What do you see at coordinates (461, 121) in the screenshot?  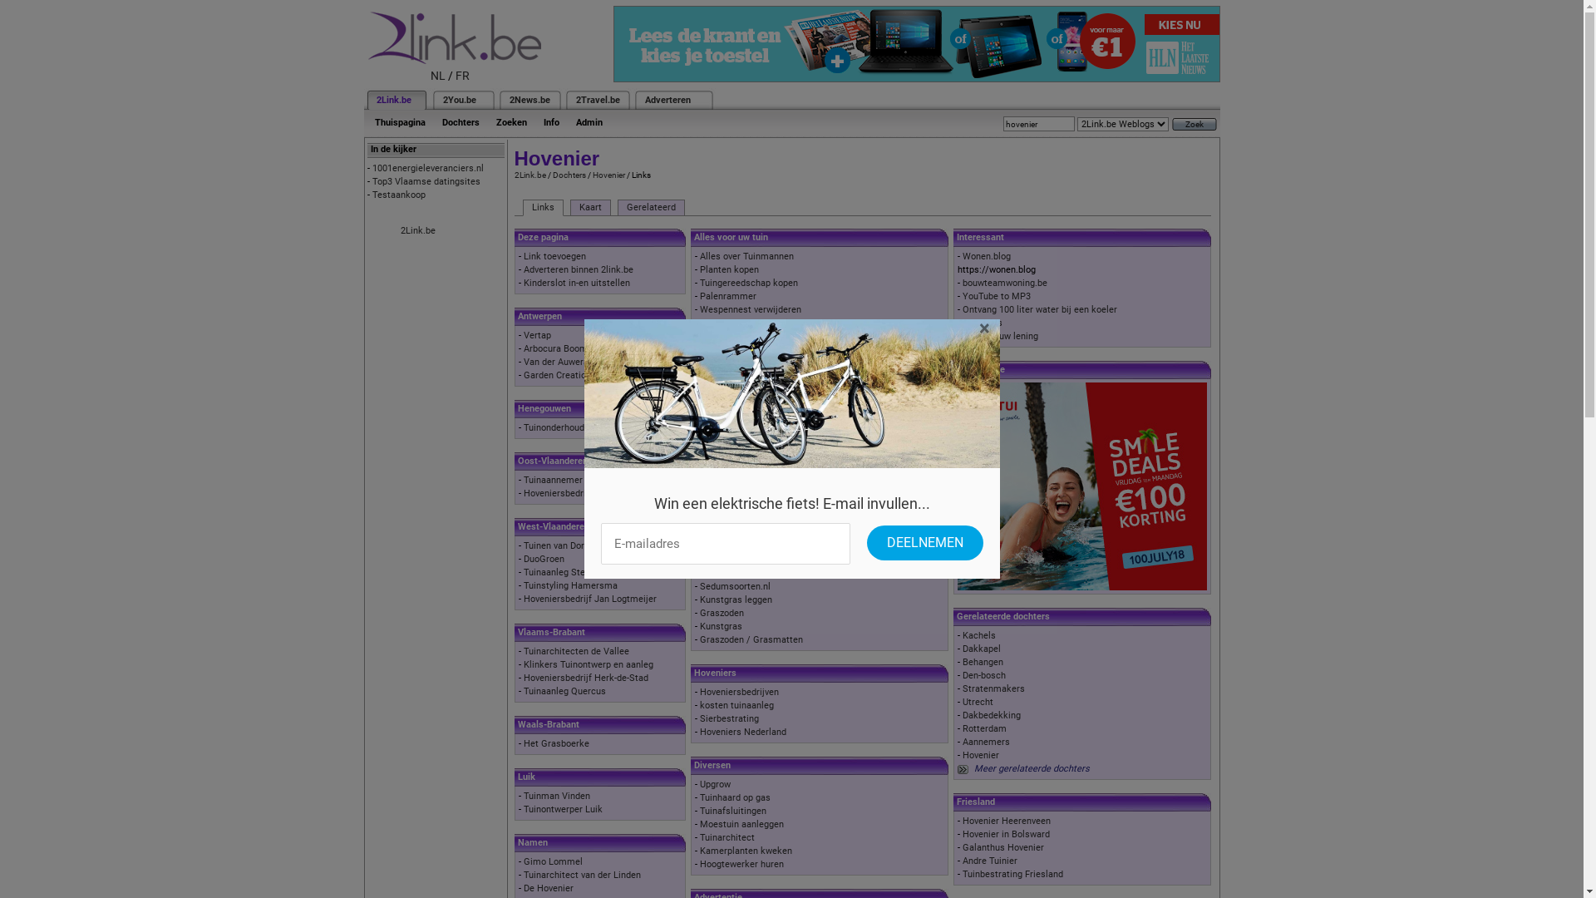 I see `'Dochters'` at bounding box center [461, 121].